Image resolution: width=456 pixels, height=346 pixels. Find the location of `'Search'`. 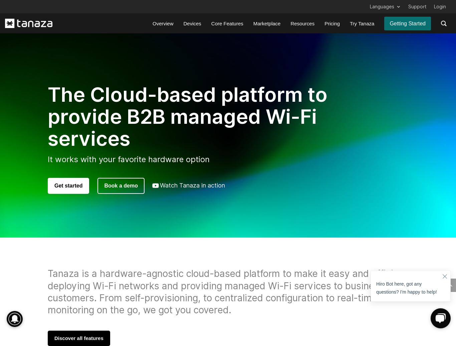

'Search' is located at coordinates (49, 312).